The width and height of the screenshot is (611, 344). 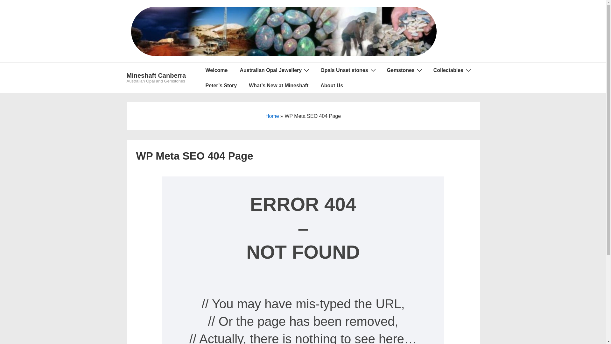 What do you see at coordinates (381, 70) in the screenshot?
I see `'Gemstones'` at bounding box center [381, 70].